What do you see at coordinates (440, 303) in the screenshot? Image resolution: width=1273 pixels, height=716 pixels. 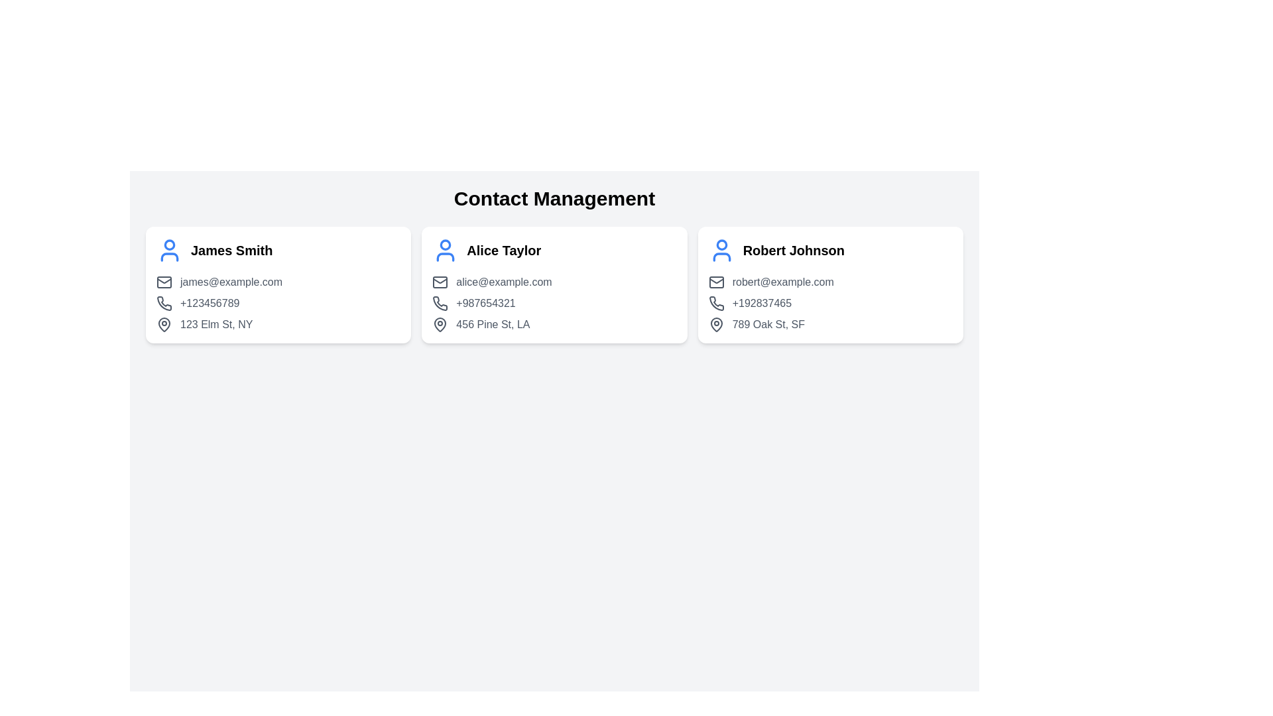 I see `the telephone icon located in Alice Taylor's contact card` at bounding box center [440, 303].